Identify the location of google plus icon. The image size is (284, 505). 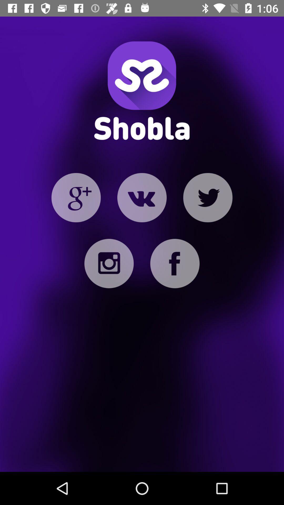
(76, 197).